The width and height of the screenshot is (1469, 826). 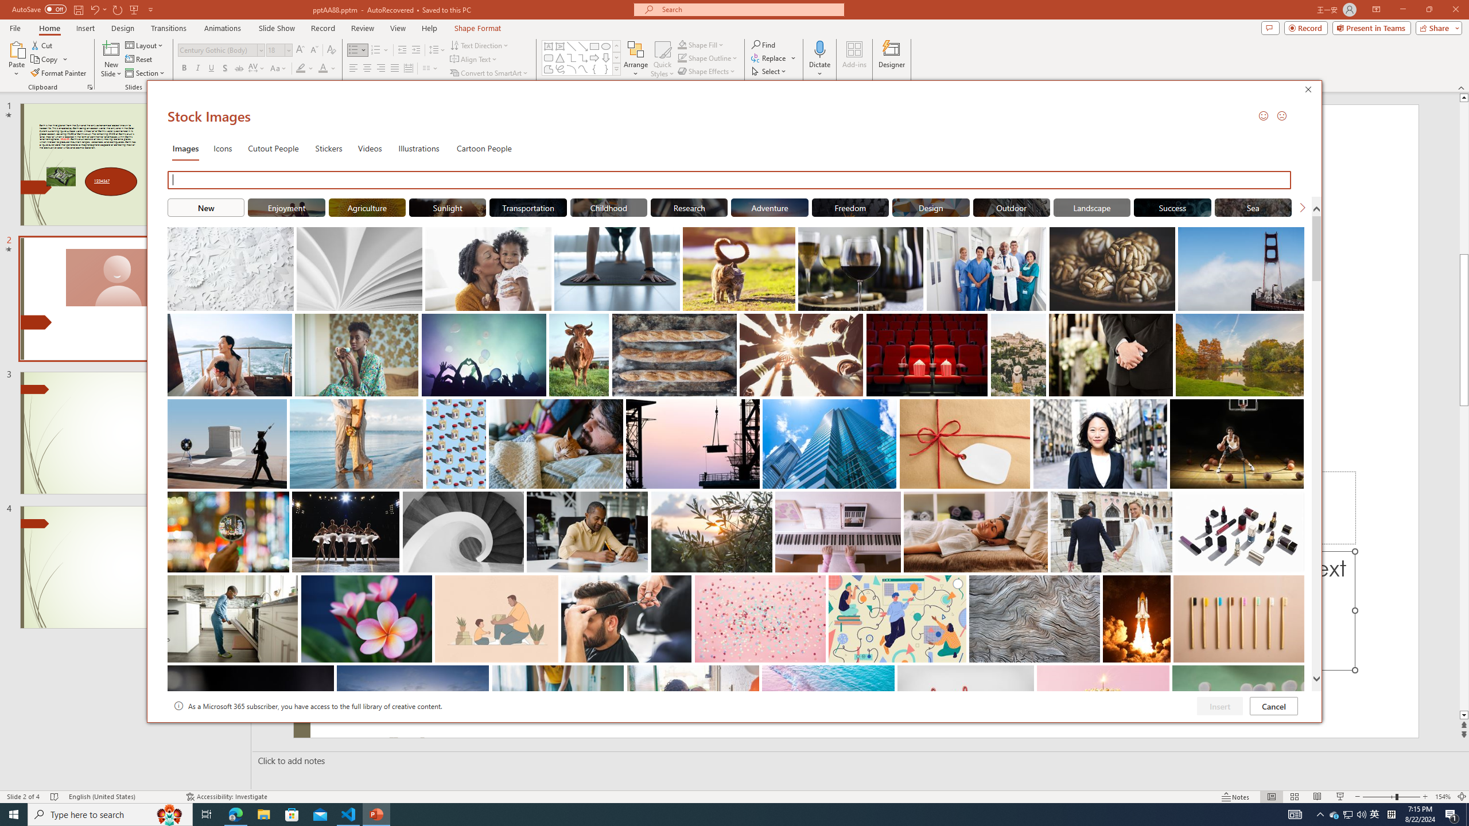 I want to click on 'Videos', so click(x=370, y=147).